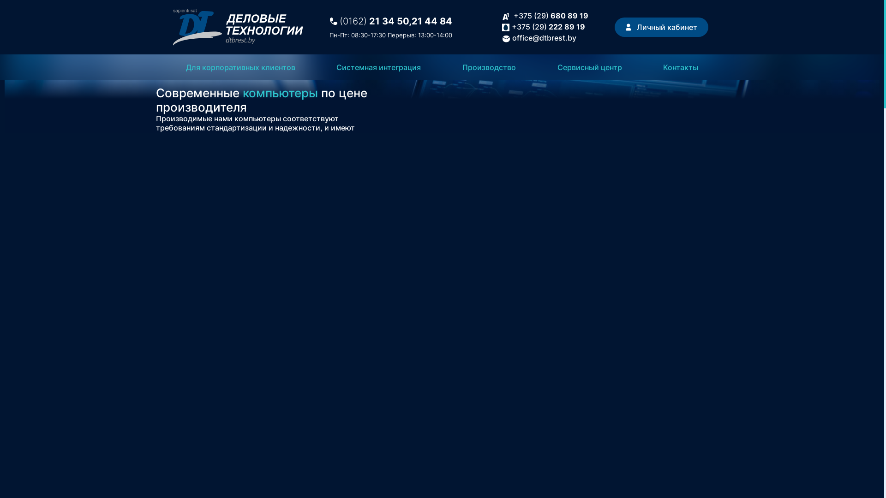 The image size is (886, 498). What do you see at coordinates (411, 21) in the screenshot?
I see `'21 44 84'` at bounding box center [411, 21].